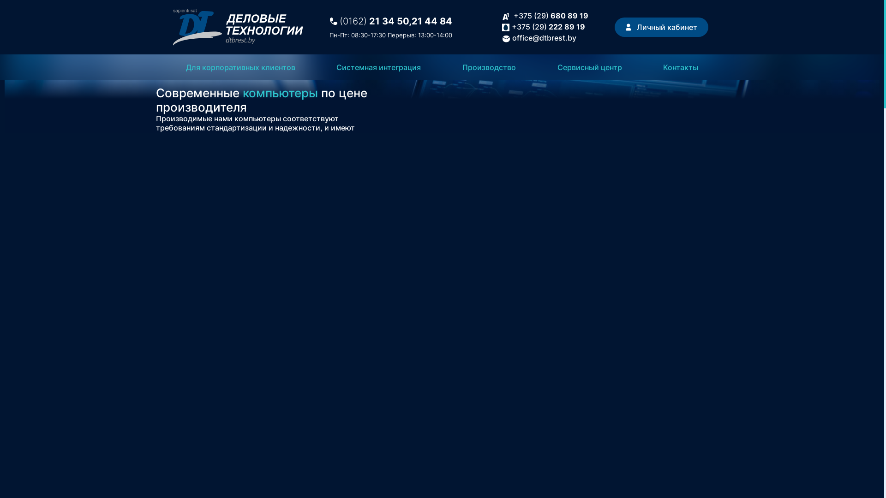 The image size is (886, 498). What do you see at coordinates (411, 21) in the screenshot?
I see `'21 44 84'` at bounding box center [411, 21].